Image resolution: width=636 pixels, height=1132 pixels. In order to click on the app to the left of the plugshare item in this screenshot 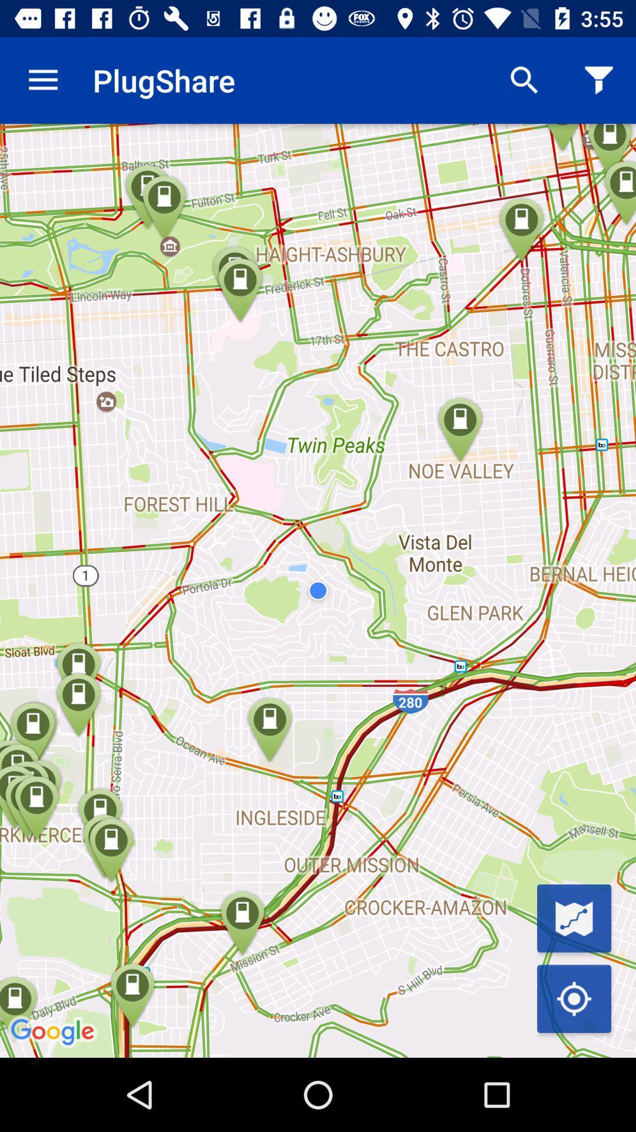, I will do `click(42, 80)`.